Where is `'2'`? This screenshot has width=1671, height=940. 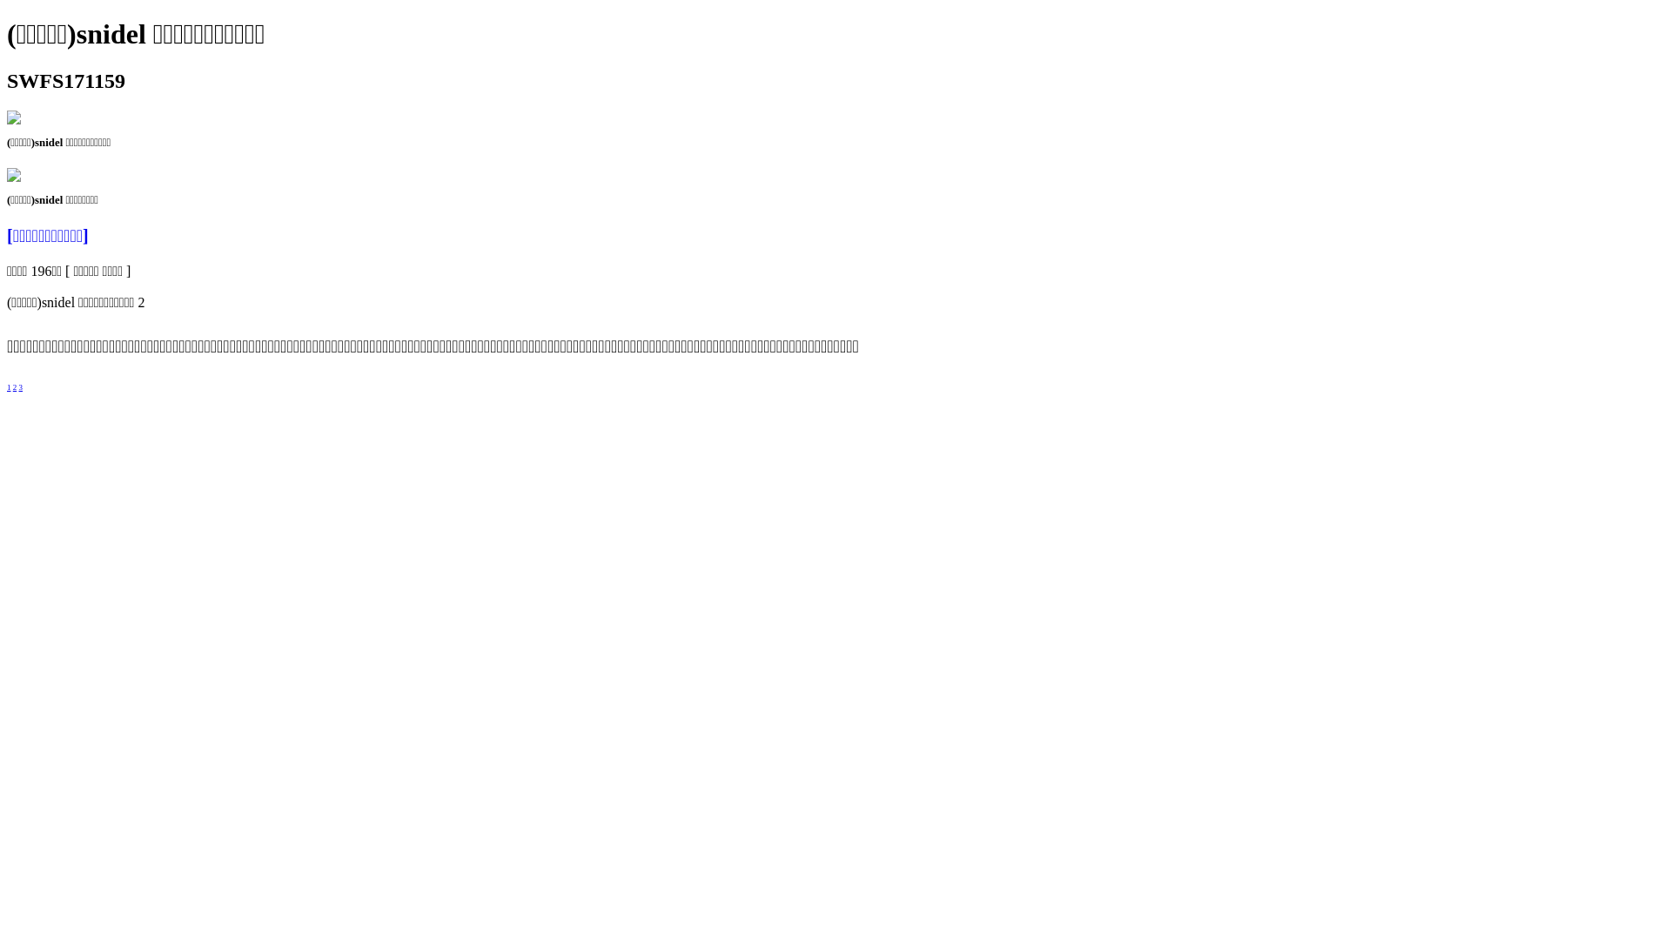 '2' is located at coordinates (12, 386).